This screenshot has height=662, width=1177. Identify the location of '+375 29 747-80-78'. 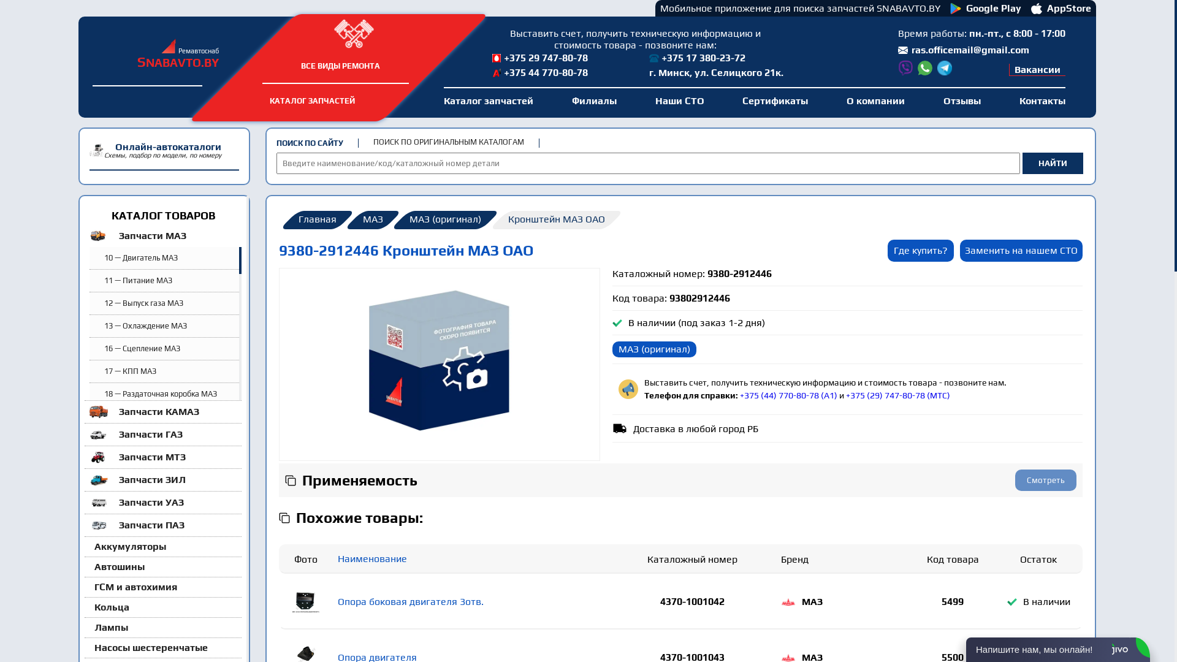
(555, 58).